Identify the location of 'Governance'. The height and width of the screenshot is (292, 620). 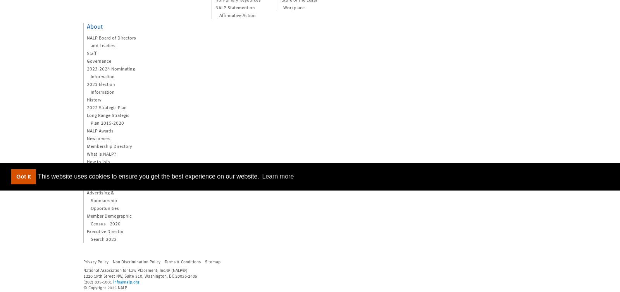
(99, 60).